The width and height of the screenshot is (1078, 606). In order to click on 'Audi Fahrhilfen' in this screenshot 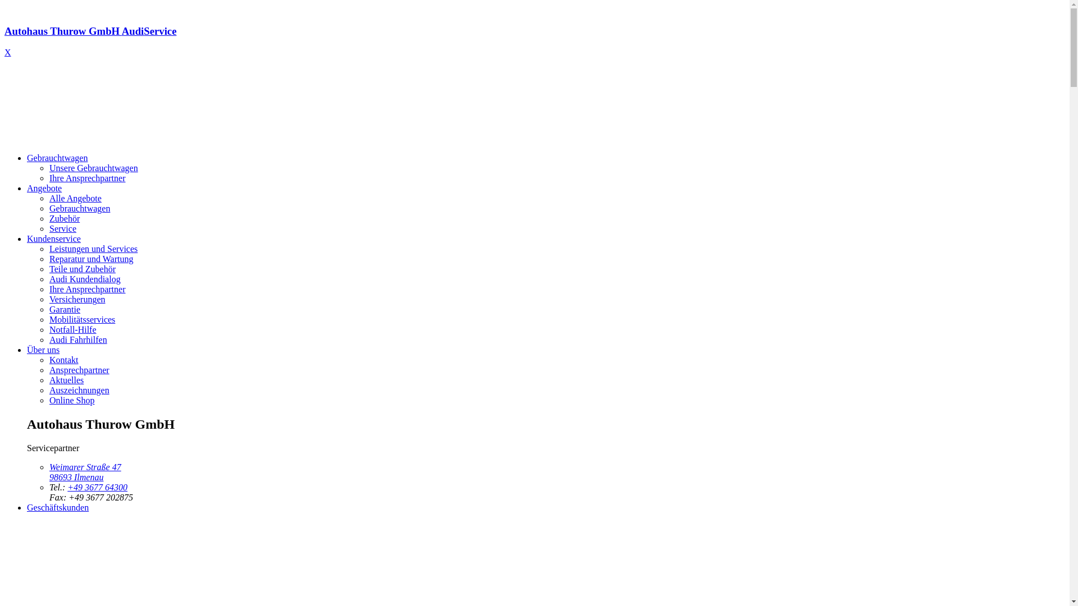, I will do `click(77, 339)`.